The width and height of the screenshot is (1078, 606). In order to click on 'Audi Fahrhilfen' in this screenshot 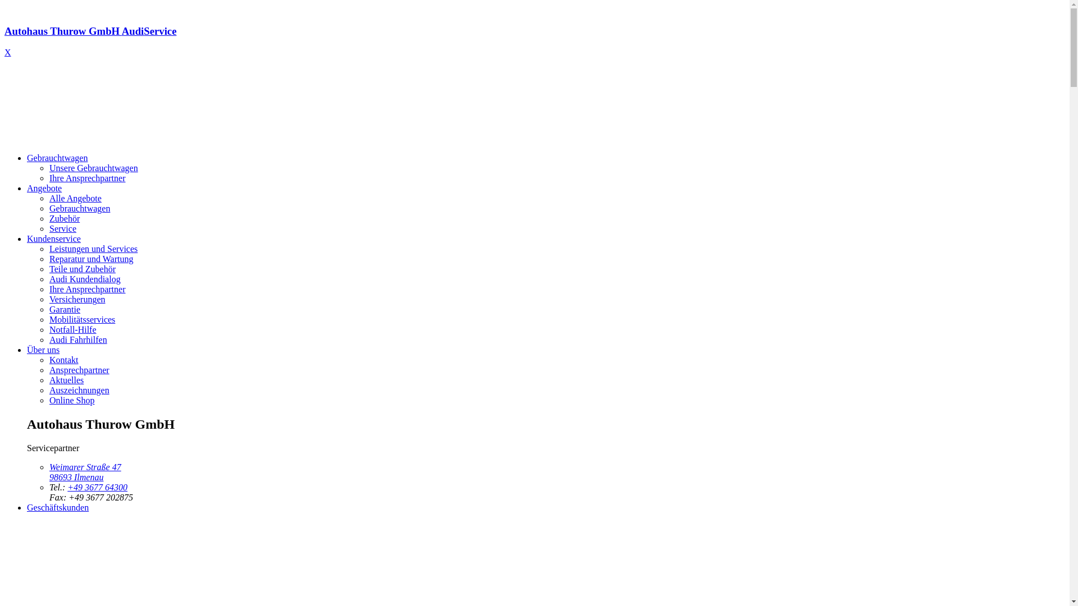, I will do `click(77, 339)`.